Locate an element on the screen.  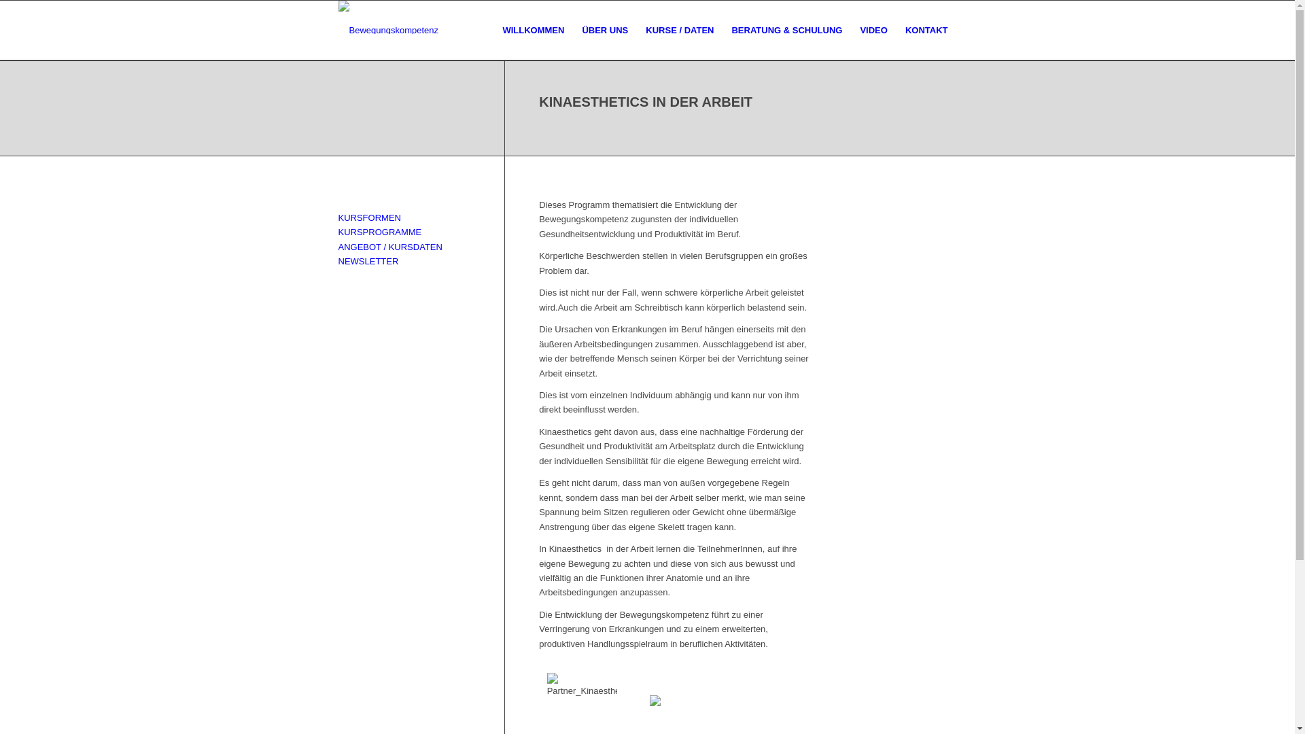
'ANGEBOT / KURSDATEN' is located at coordinates (389, 247).